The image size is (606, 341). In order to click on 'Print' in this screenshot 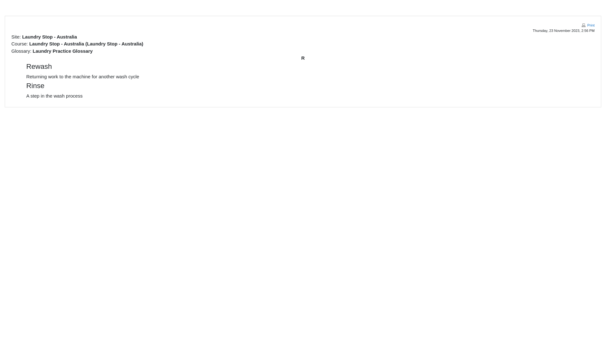, I will do `click(587, 25)`.